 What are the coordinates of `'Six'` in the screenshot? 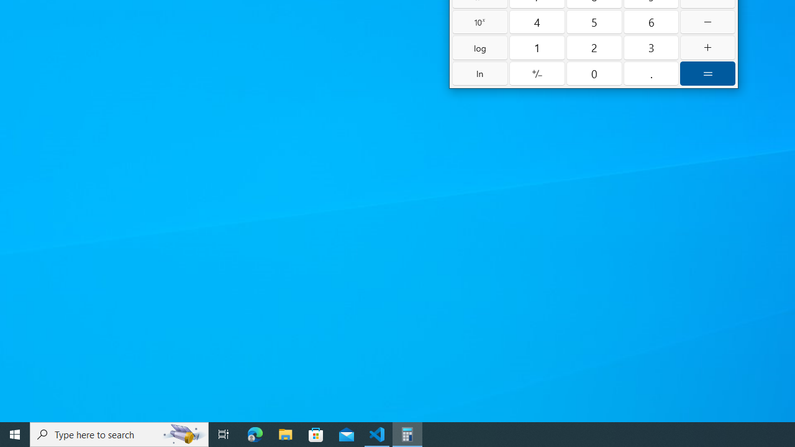 It's located at (650, 22).